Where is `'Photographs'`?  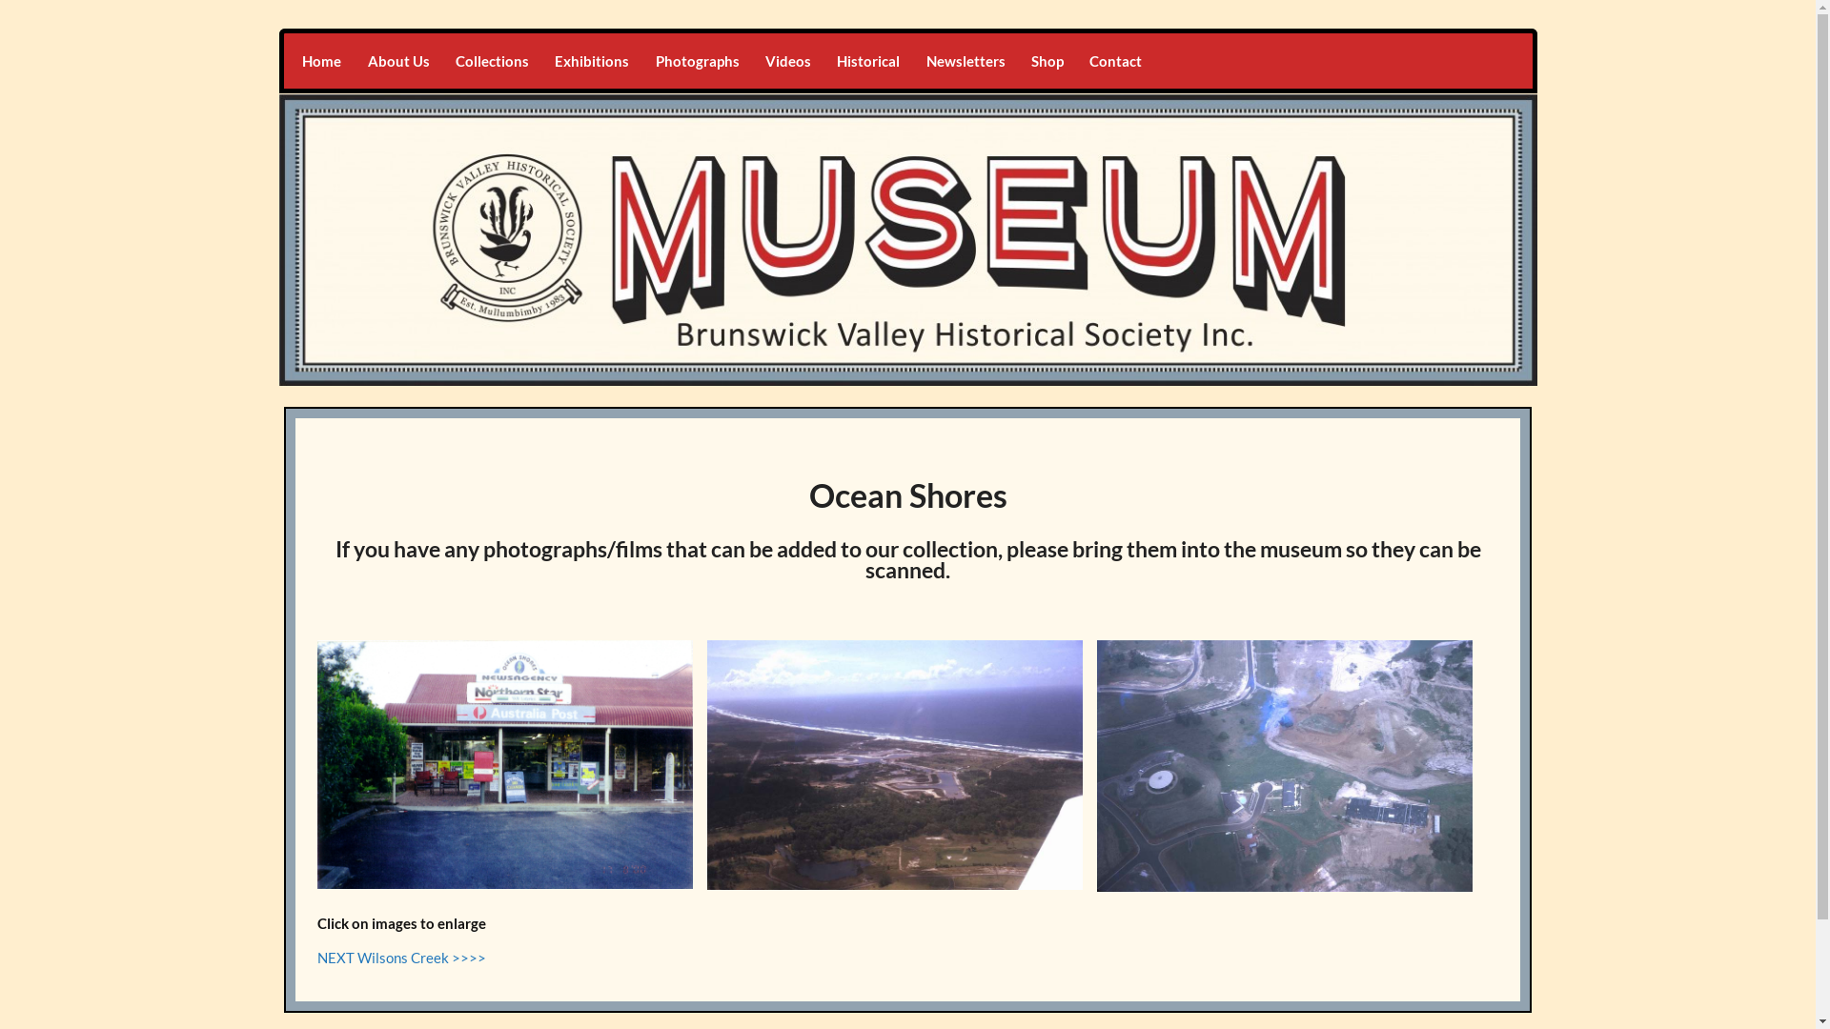 'Photographs' is located at coordinates (696, 60).